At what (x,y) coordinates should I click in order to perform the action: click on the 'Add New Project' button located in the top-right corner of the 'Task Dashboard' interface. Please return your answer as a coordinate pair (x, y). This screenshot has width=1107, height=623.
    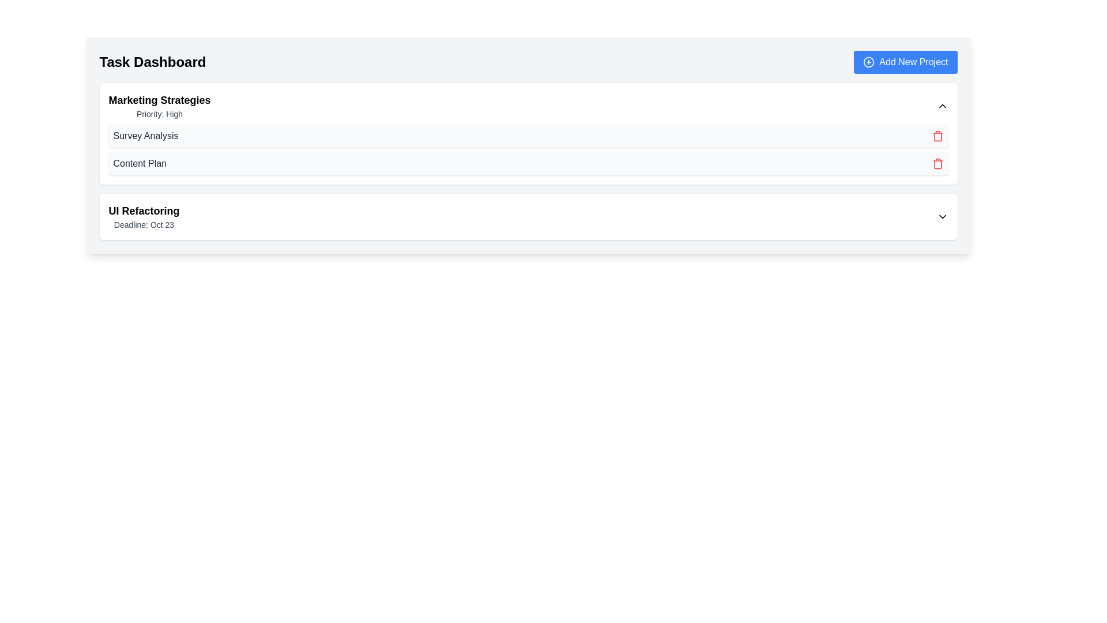
    Looking at the image, I should click on (905, 62).